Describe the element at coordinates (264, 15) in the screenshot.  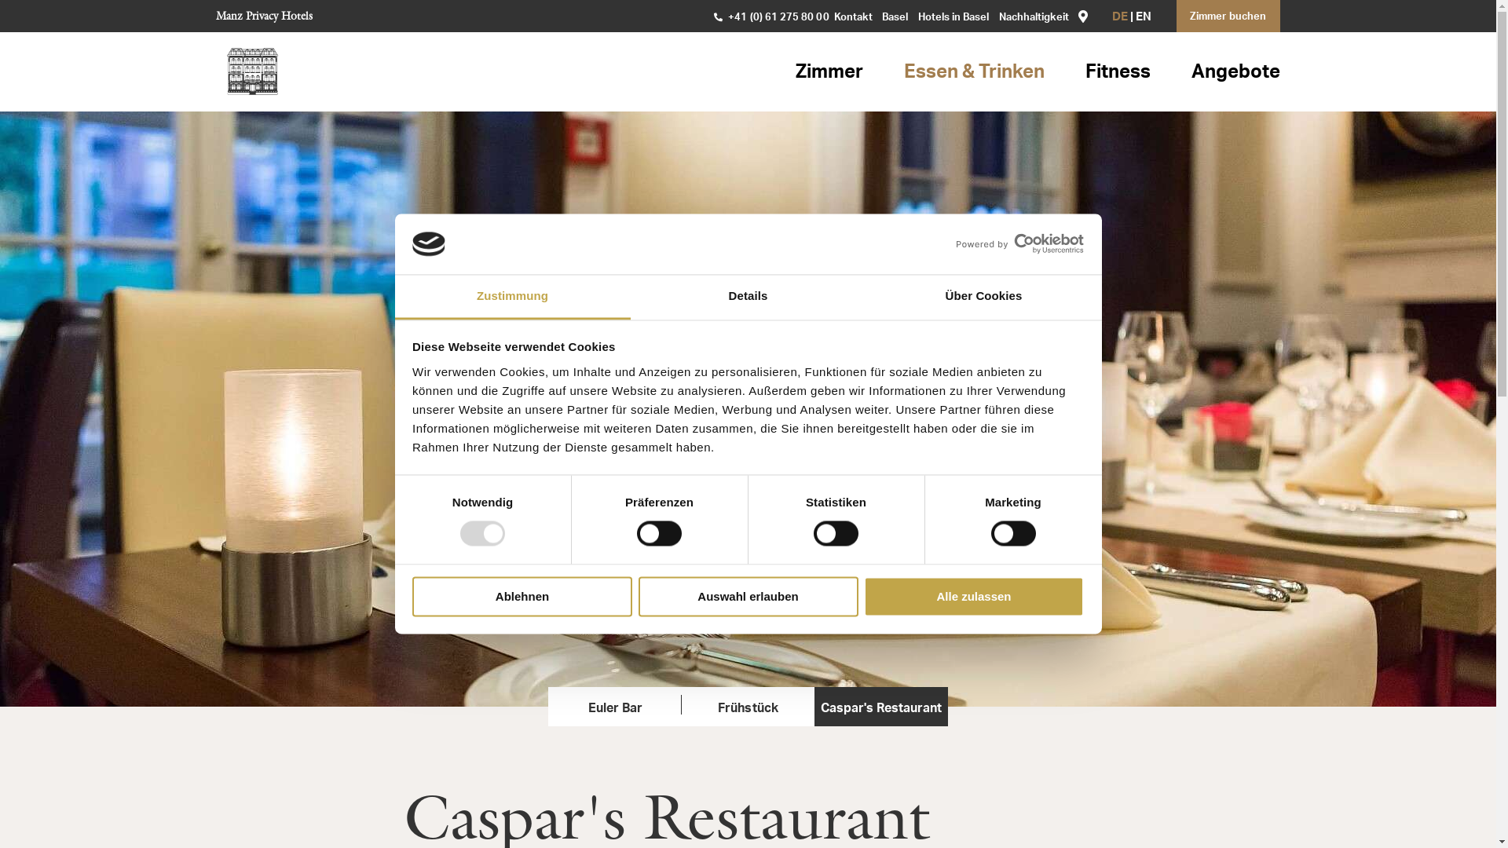
I see `'Manz Privacy Hotels'` at that location.